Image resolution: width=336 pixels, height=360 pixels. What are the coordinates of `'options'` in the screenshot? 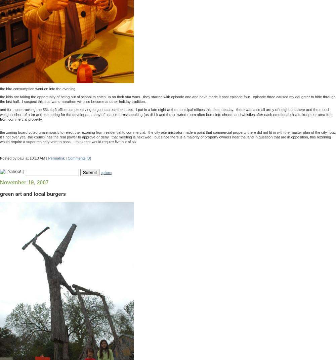 It's located at (106, 173).